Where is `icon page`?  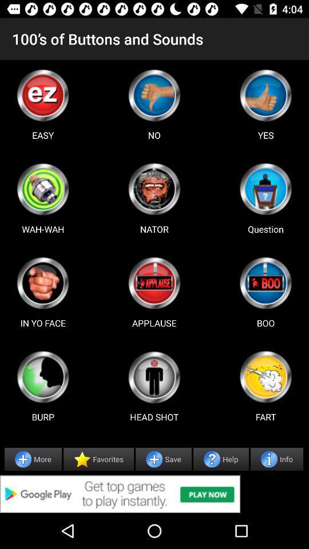
icon page is located at coordinates (266, 376).